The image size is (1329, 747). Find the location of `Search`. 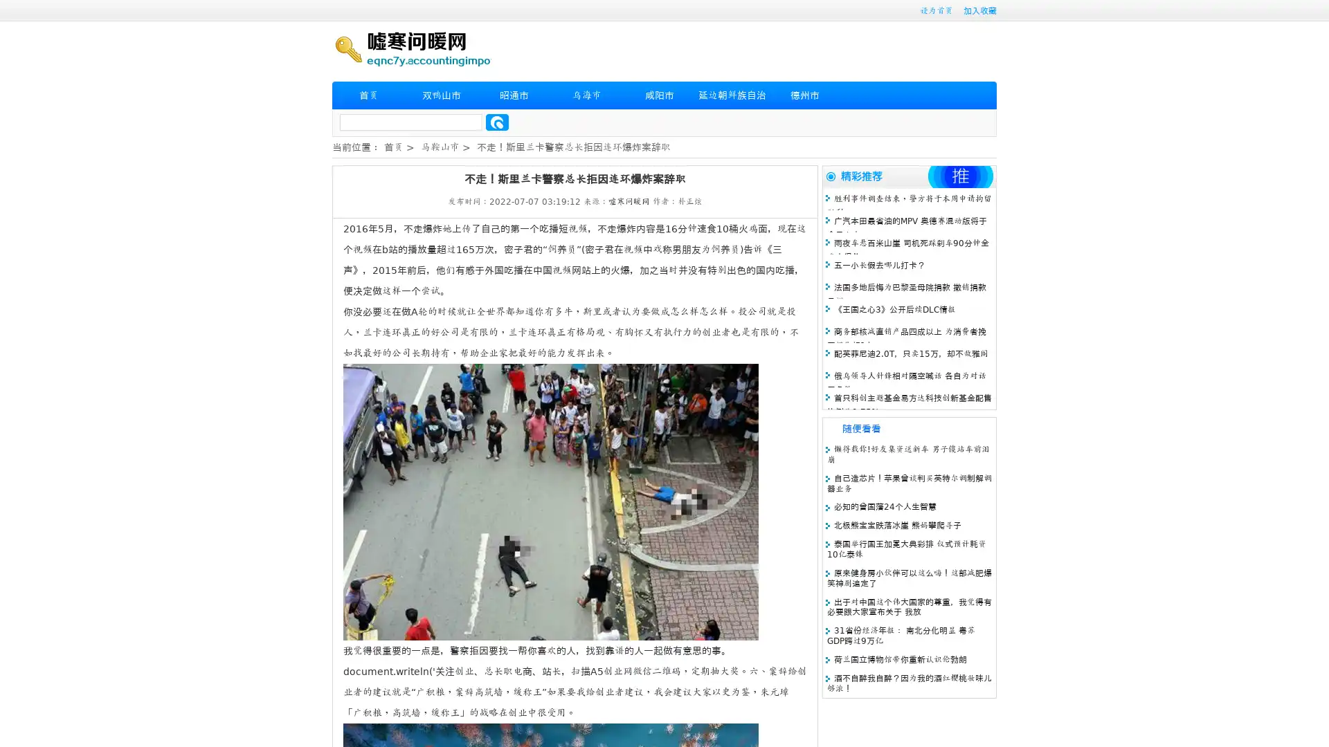

Search is located at coordinates (497, 122).